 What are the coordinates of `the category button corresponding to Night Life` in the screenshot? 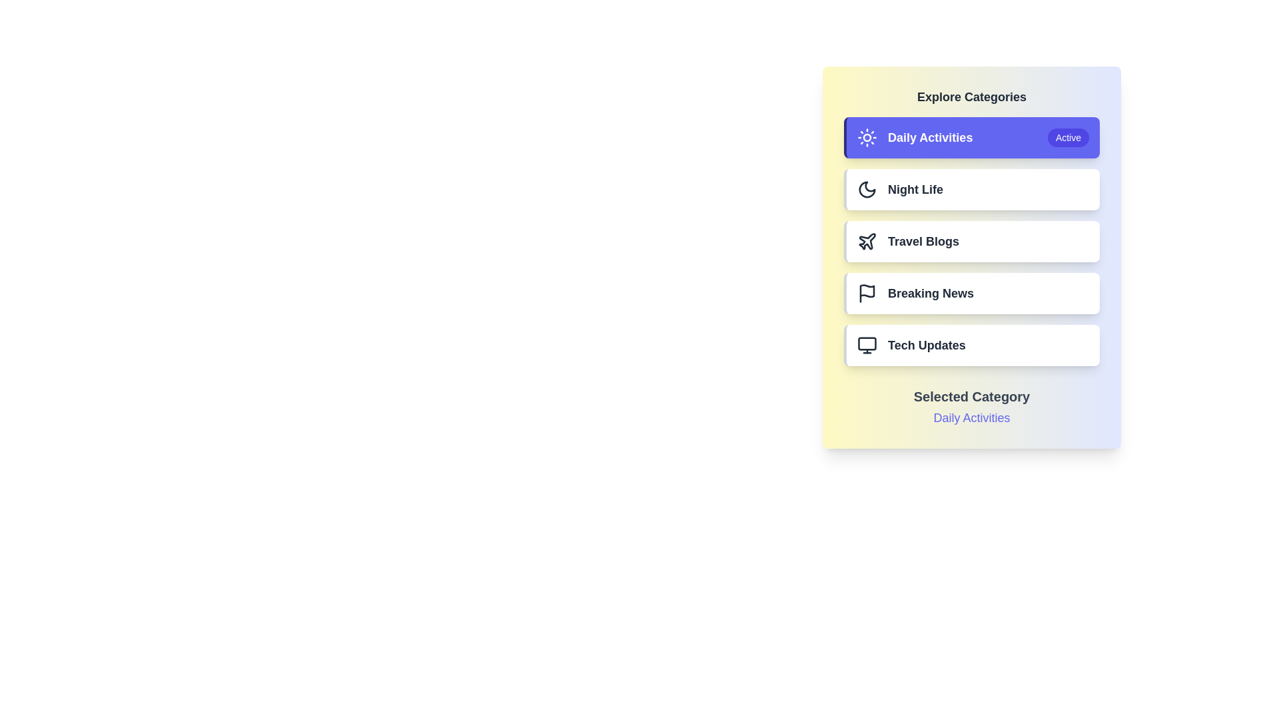 It's located at (972, 190).